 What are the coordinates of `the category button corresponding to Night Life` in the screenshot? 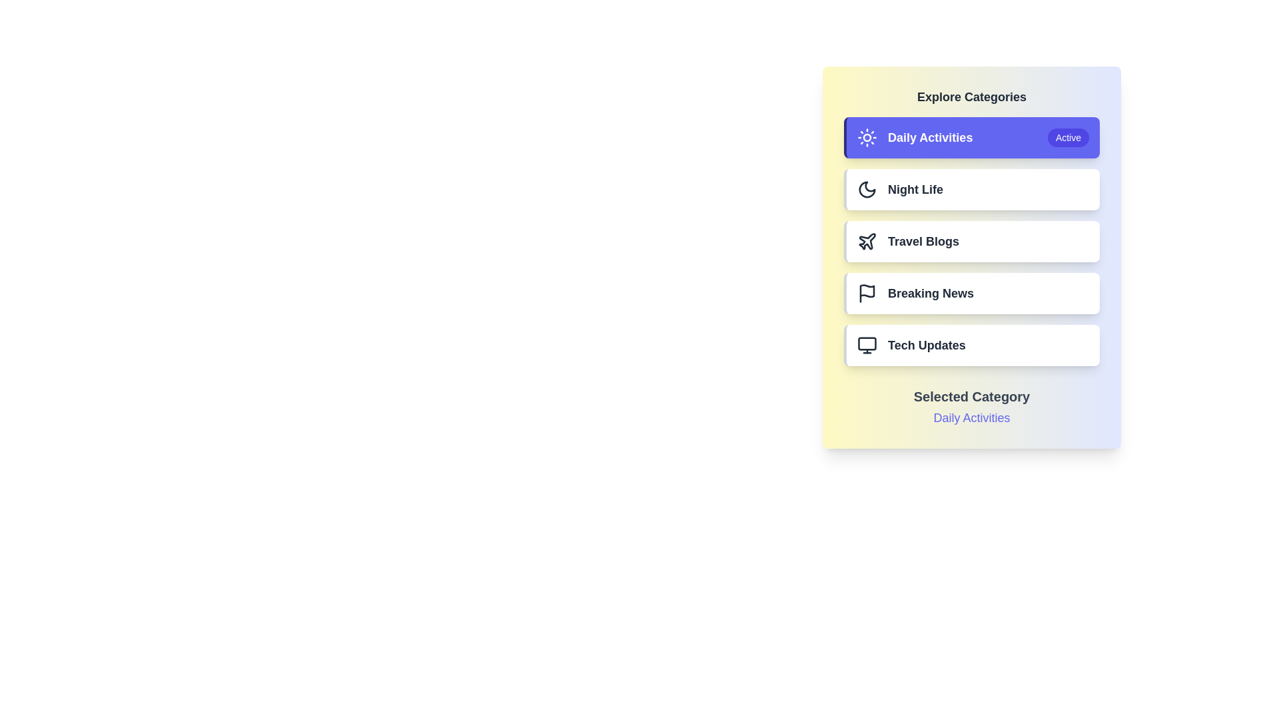 It's located at (972, 190).